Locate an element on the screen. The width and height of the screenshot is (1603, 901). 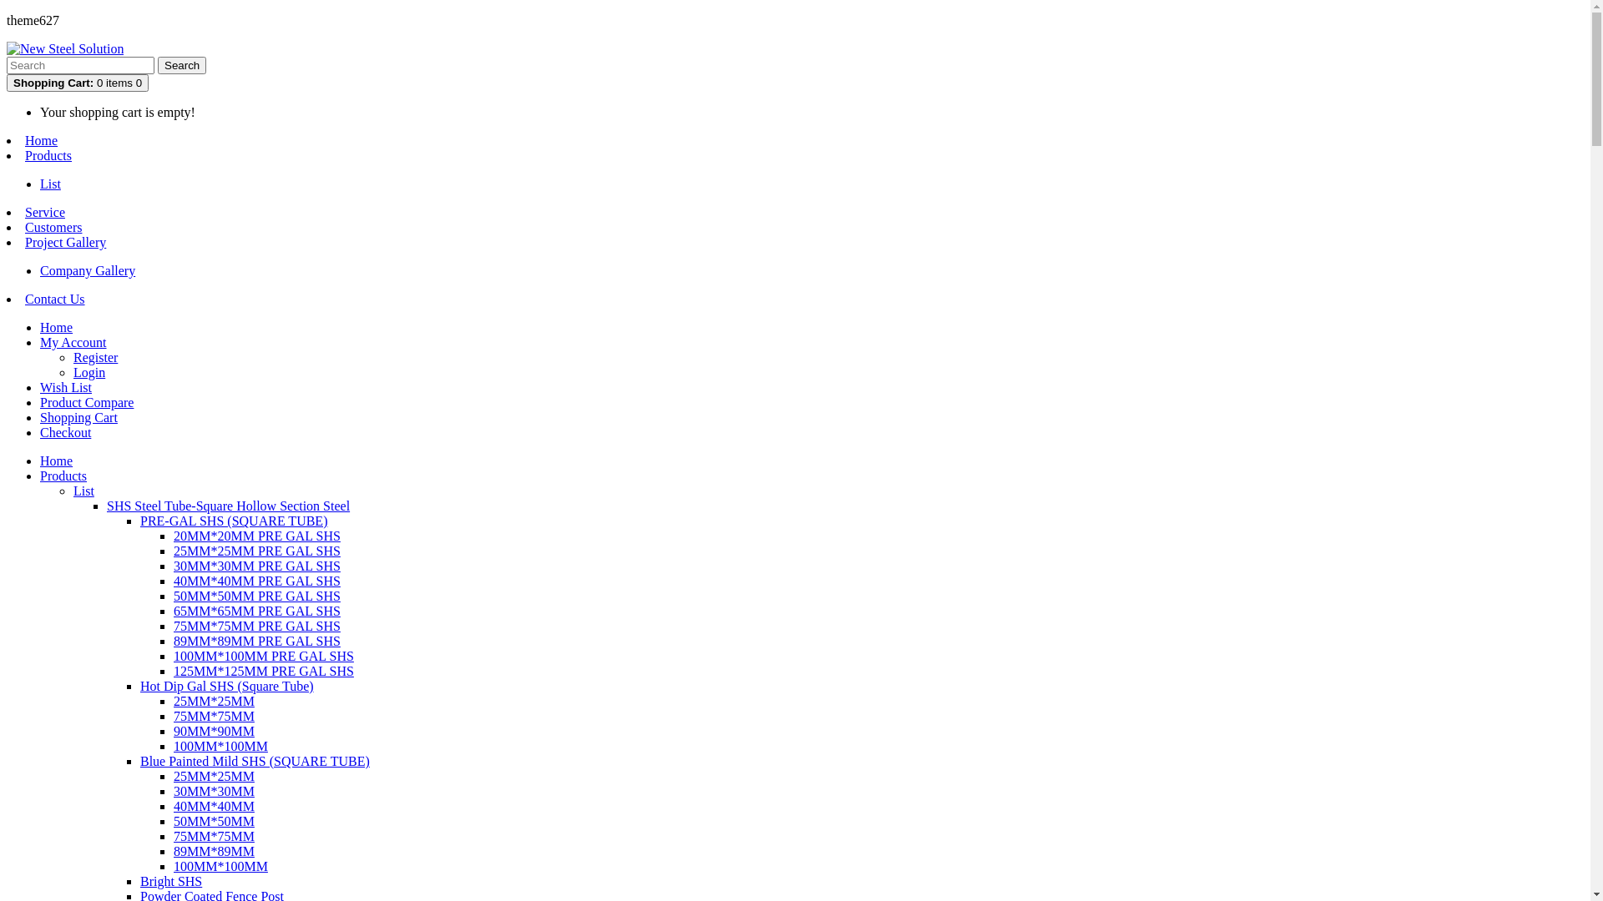
'List' is located at coordinates (72, 490).